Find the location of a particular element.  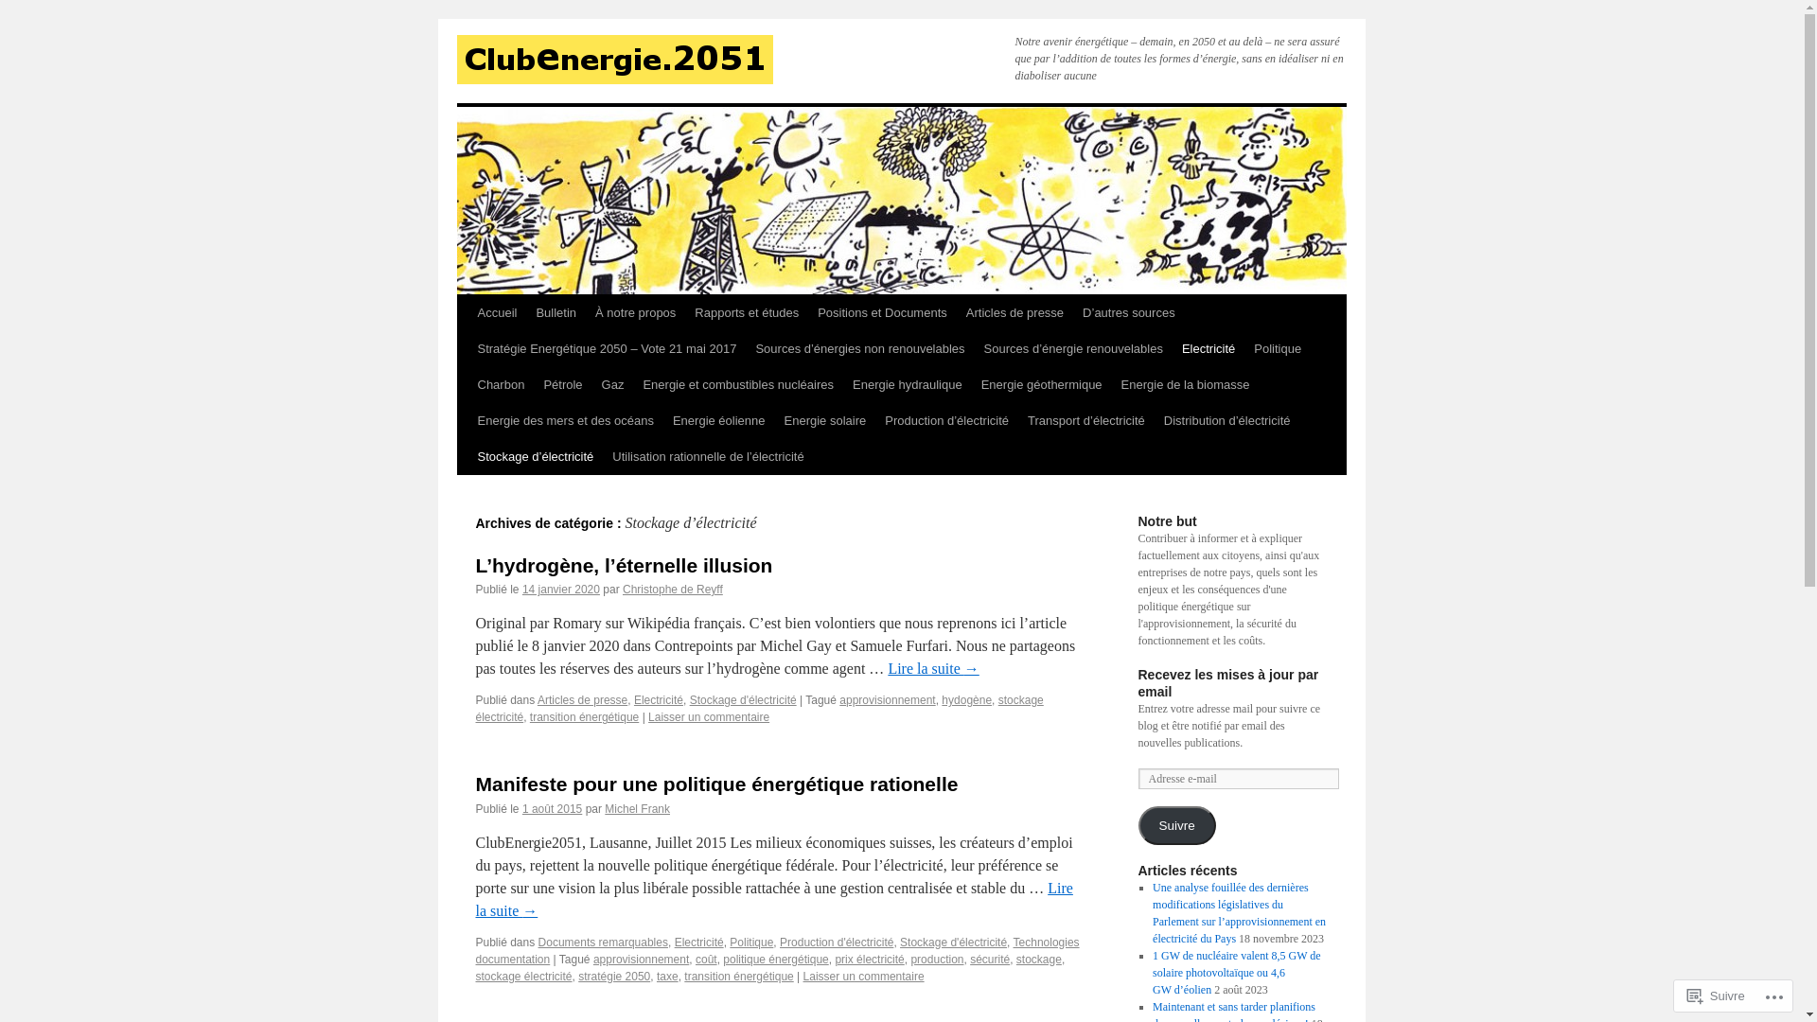

'Articles de presse' is located at coordinates (581, 700).